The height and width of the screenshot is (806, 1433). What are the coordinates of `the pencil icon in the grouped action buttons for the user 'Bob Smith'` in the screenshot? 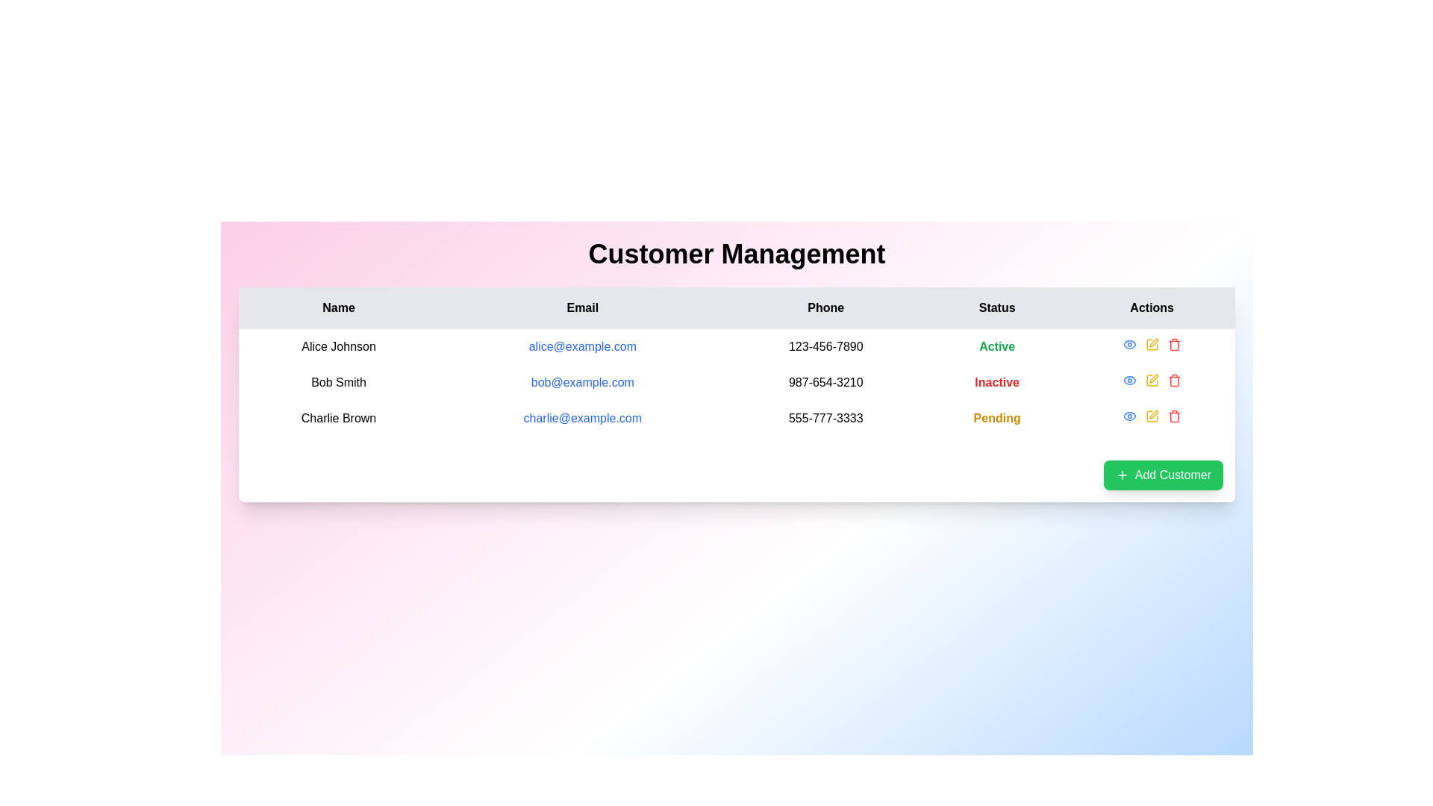 It's located at (1151, 379).